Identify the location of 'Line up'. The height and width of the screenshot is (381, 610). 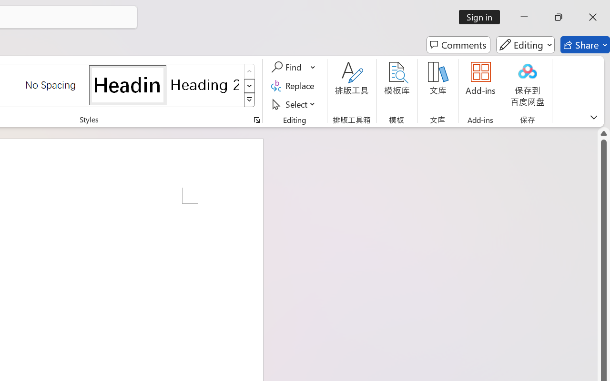
(603, 133).